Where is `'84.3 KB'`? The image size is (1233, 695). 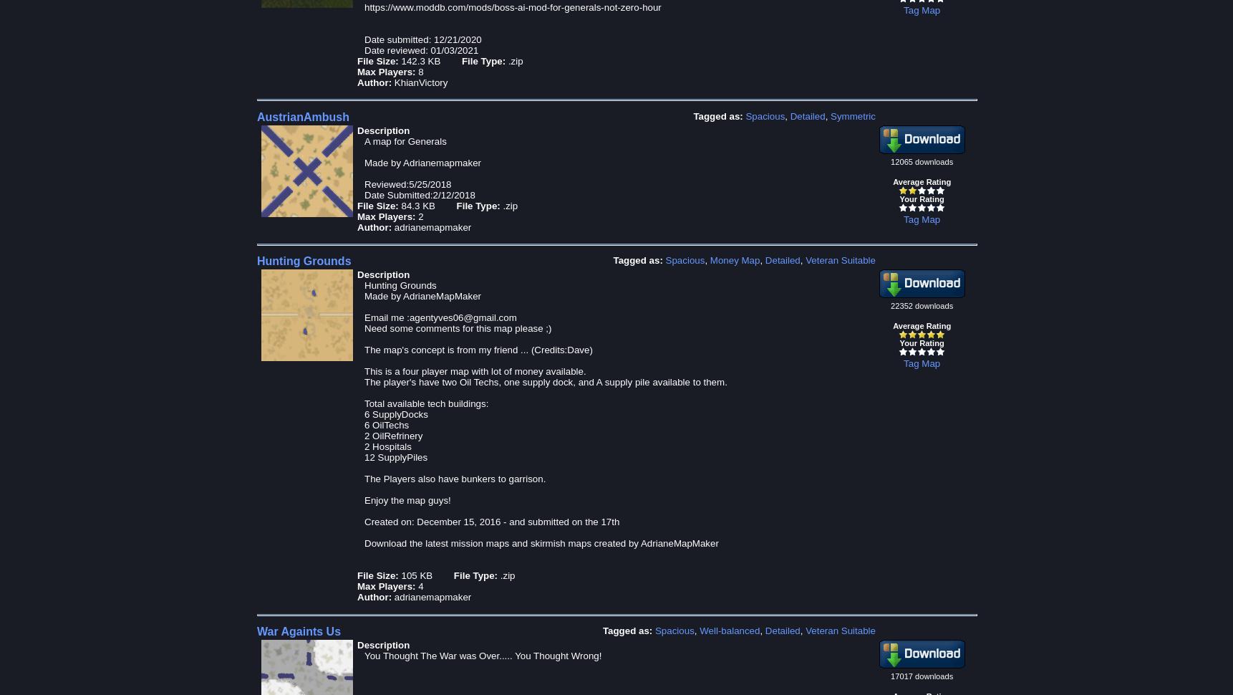 '84.3 KB' is located at coordinates (400, 204).